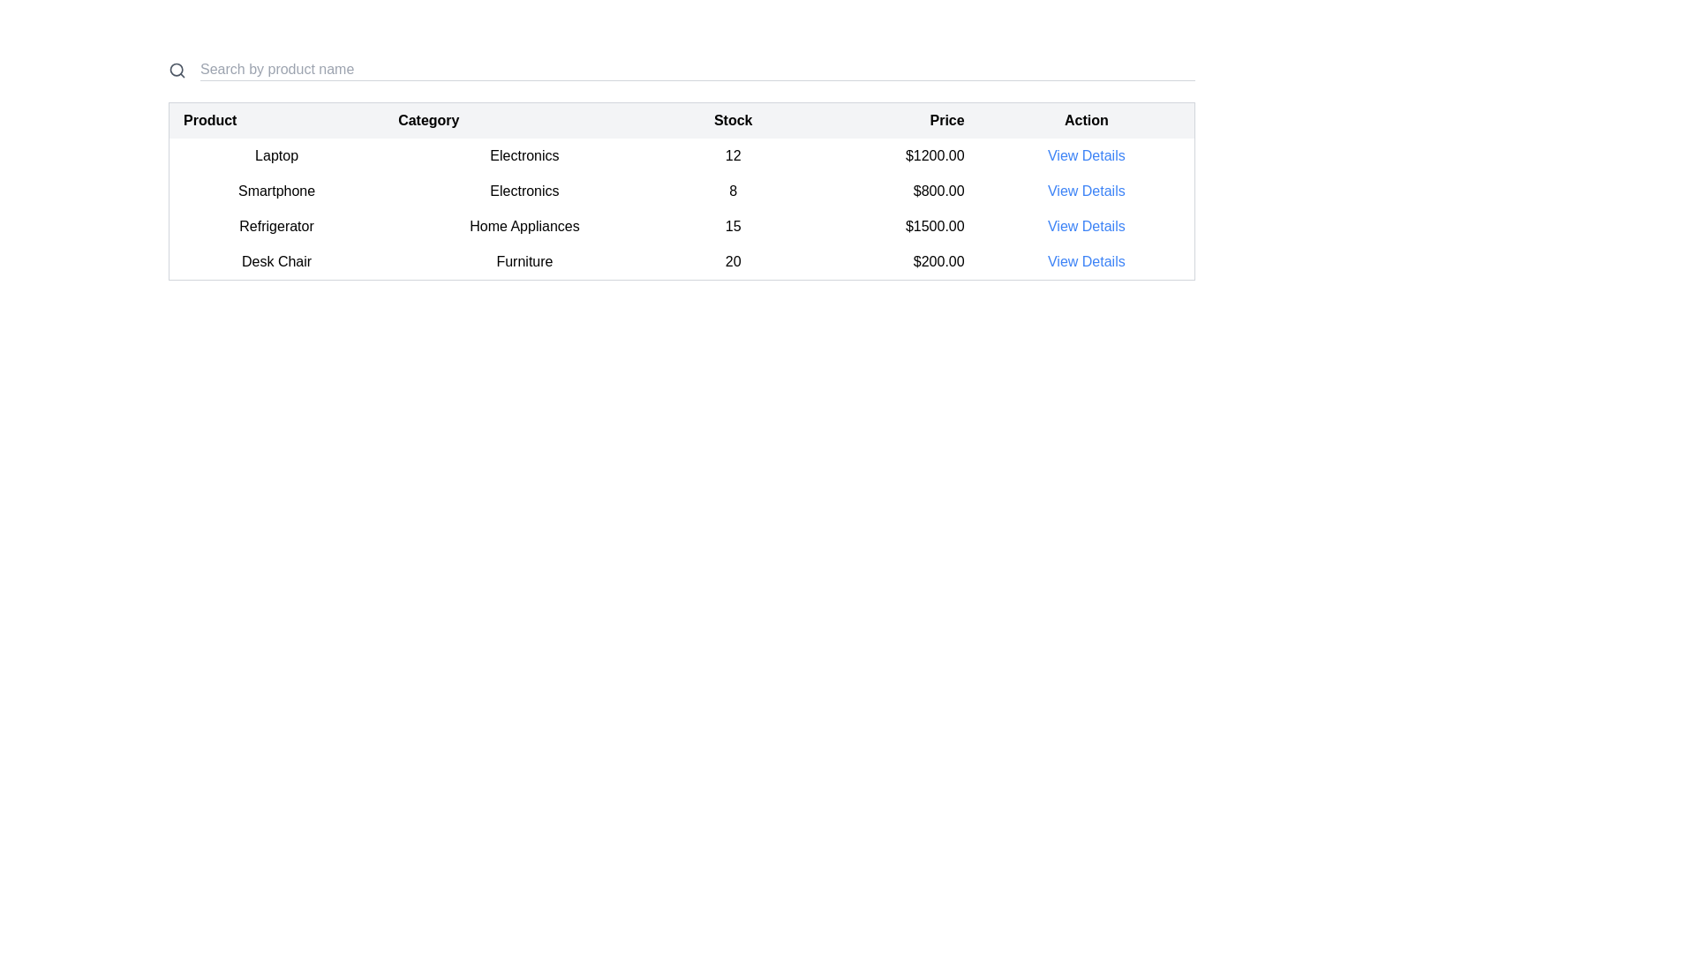 This screenshot has width=1695, height=953. Describe the element at coordinates (1085, 262) in the screenshot. I see `the 'View Details' hyperlink, which is styled in blue and underlined, located in the last row of the table within the 'Action' column aligned with the 'Desk Chair' product` at that location.